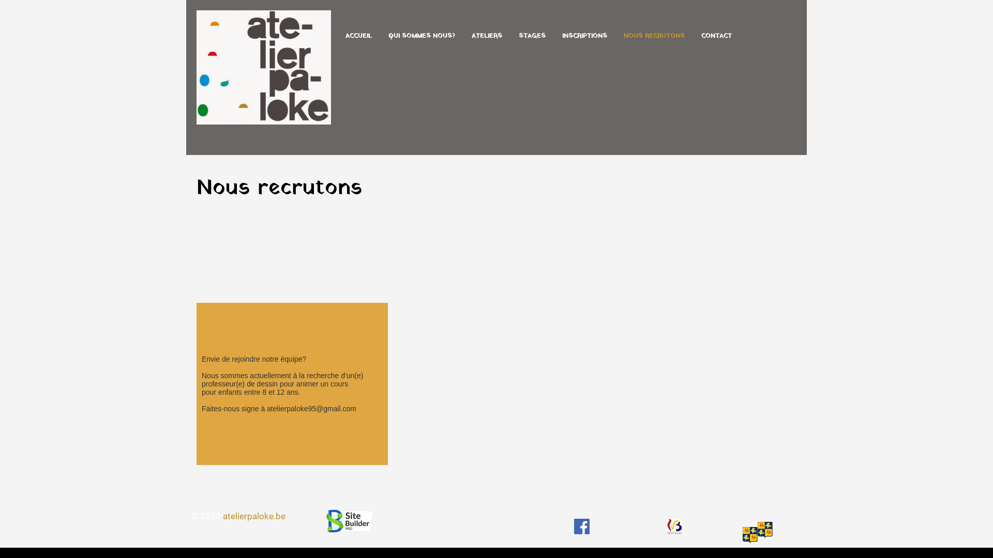 The image size is (993, 558). What do you see at coordinates (486, 37) in the screenshot?
I see `'ATELIERS'` at bounding box center [486, 37].